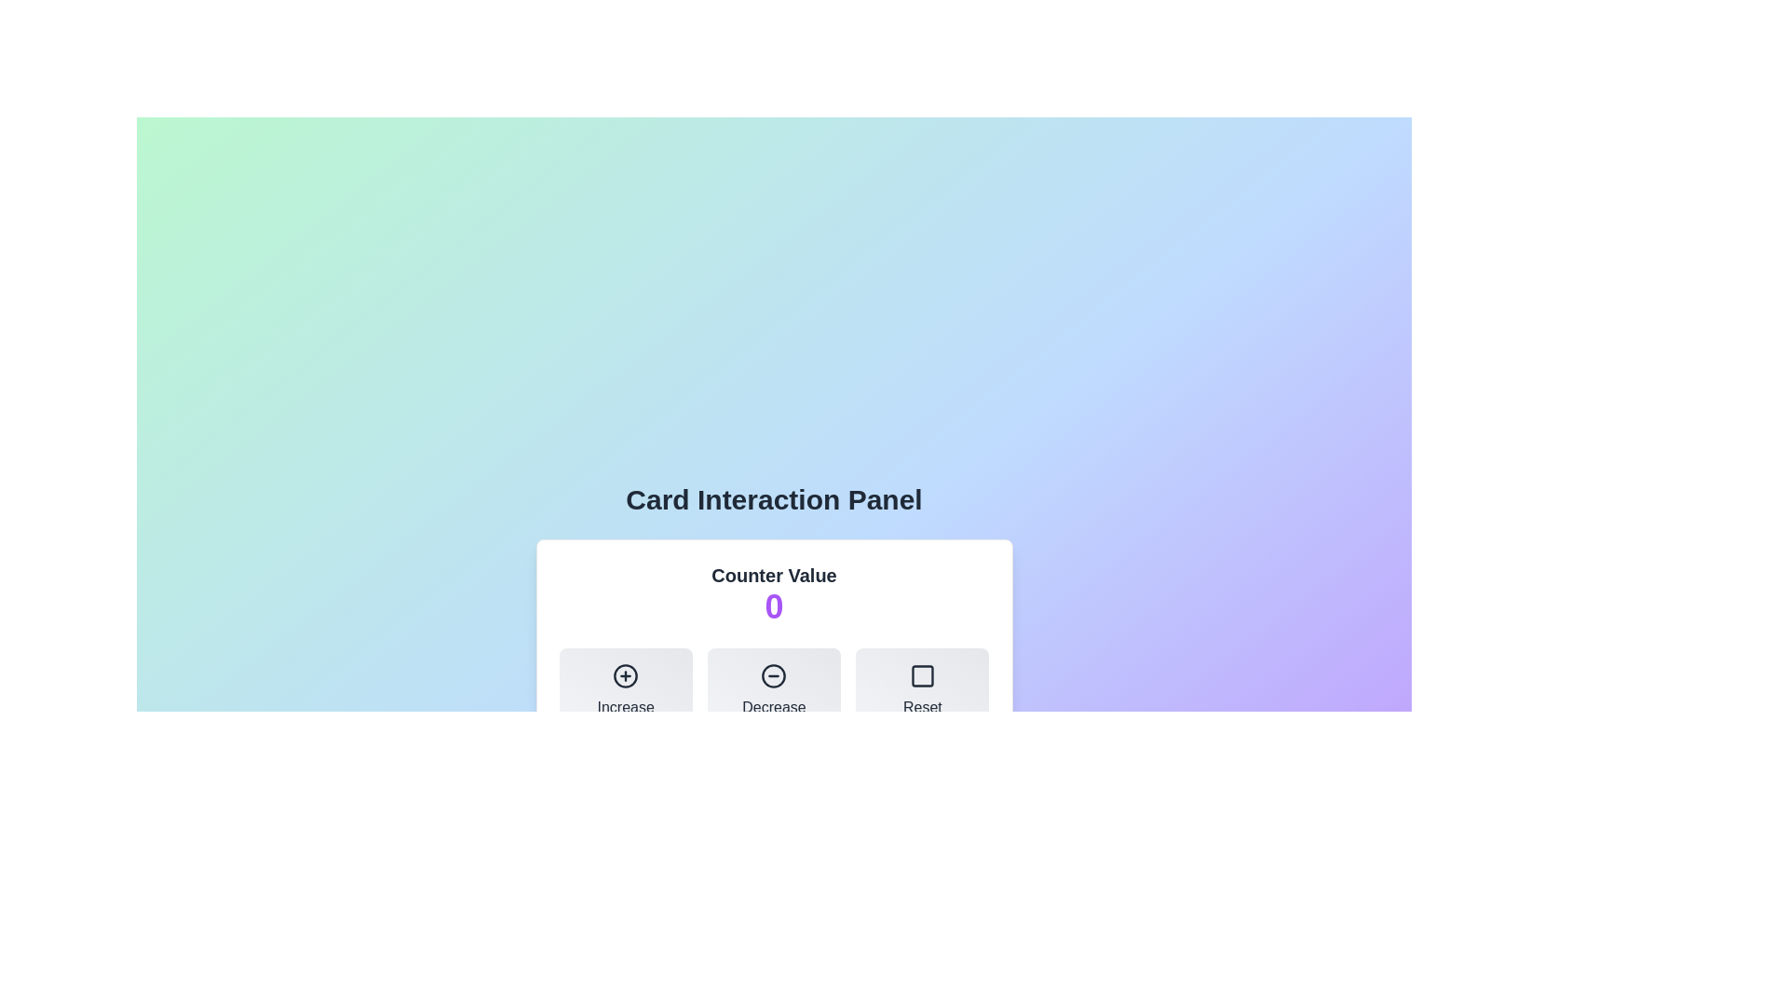 The image size is (1788, 1006). I want to click on the graphical icon within the 'Reset' button, so click(922, 675).